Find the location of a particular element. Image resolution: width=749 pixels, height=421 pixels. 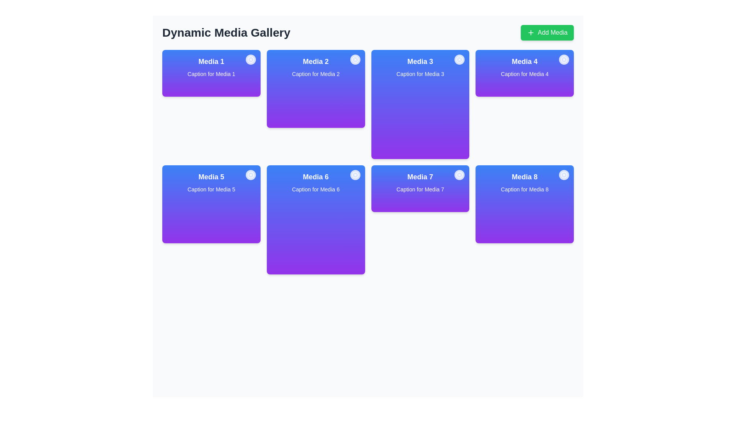

the decorative circle element located at the top-right corner of the 'Media 4' card is located at coordinates (564, 59).